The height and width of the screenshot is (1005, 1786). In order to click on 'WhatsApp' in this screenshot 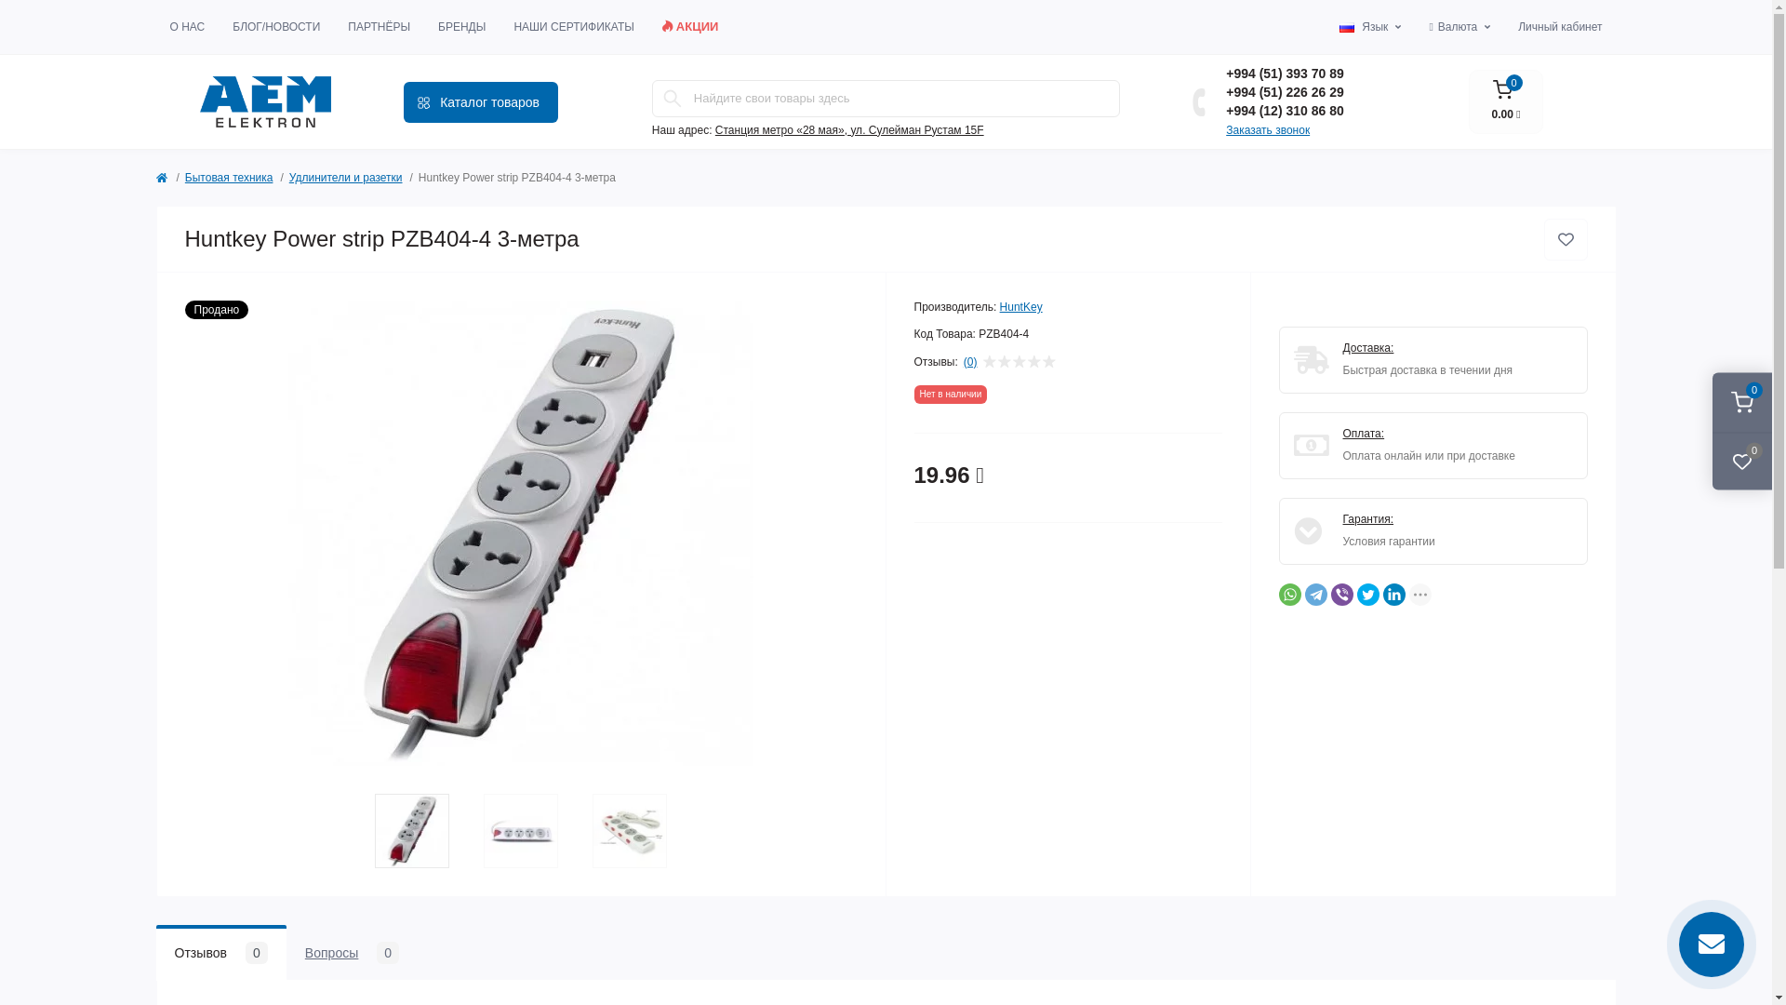, I will do `click(1288, 595)`.